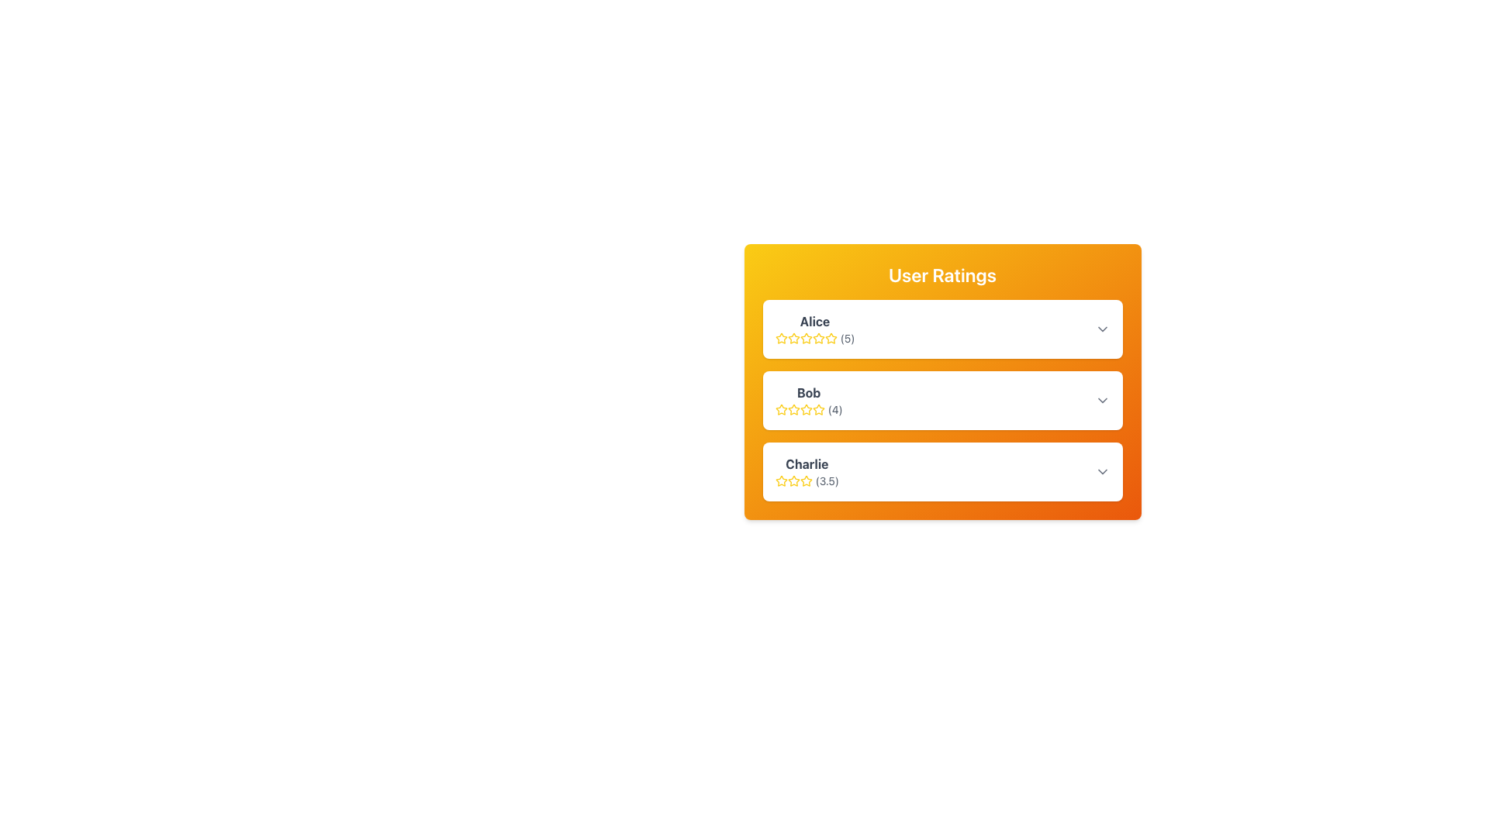 The width and height of the screenshot is (1489, 837). I want to click on the yellow star icon in the rating section for user 'Bob', which is the second star in the star rating group, so click(793, 408).